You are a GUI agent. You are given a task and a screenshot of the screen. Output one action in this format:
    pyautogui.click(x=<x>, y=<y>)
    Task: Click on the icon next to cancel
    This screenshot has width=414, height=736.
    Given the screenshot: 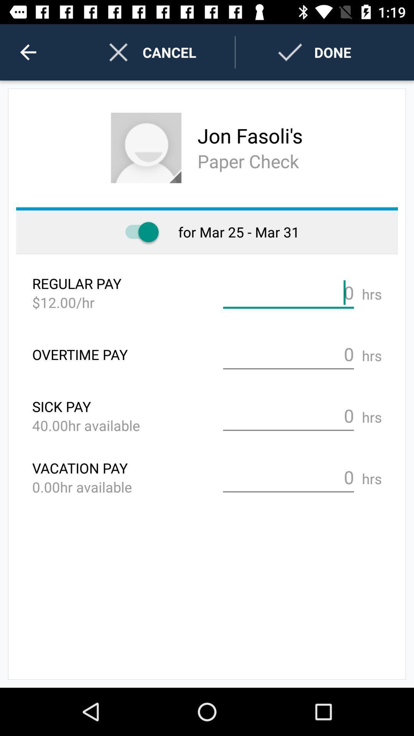 What is the action you would take?
    pyautogui.click(x=28, y=52)
    